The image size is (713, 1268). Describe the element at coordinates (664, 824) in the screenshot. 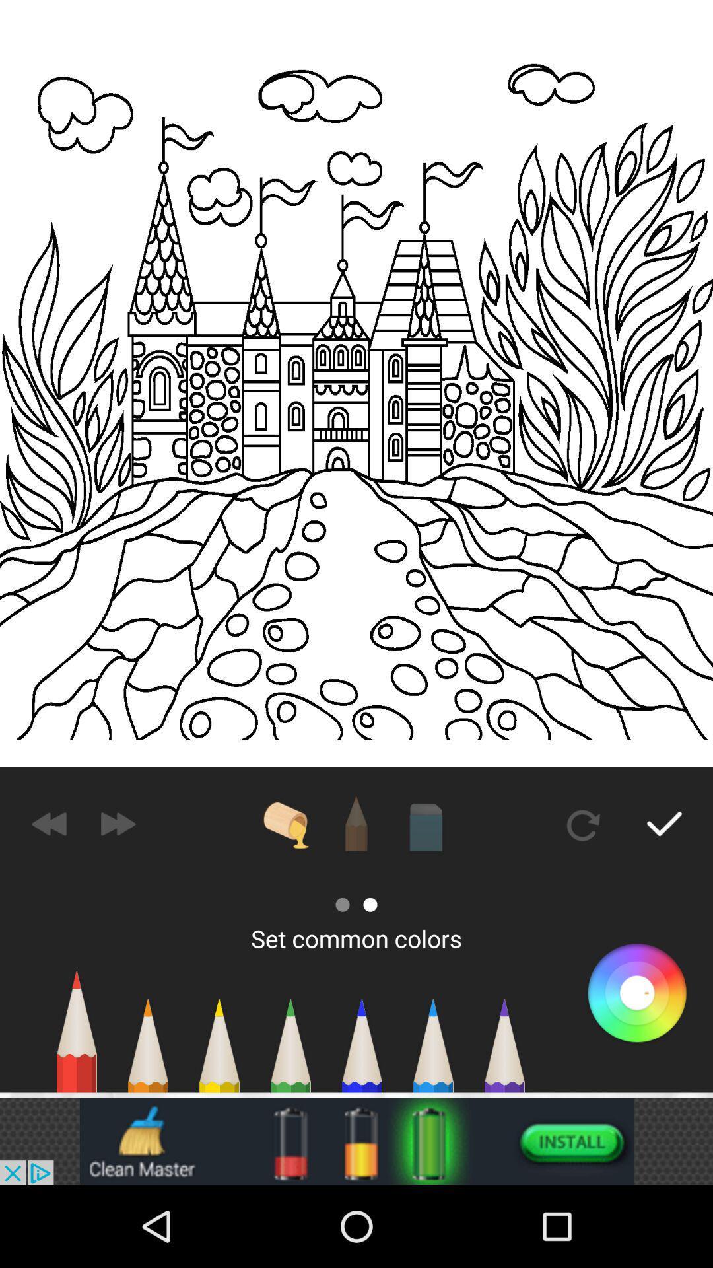

I see `the check mark icon which is just beside the refresh icon` at that location.